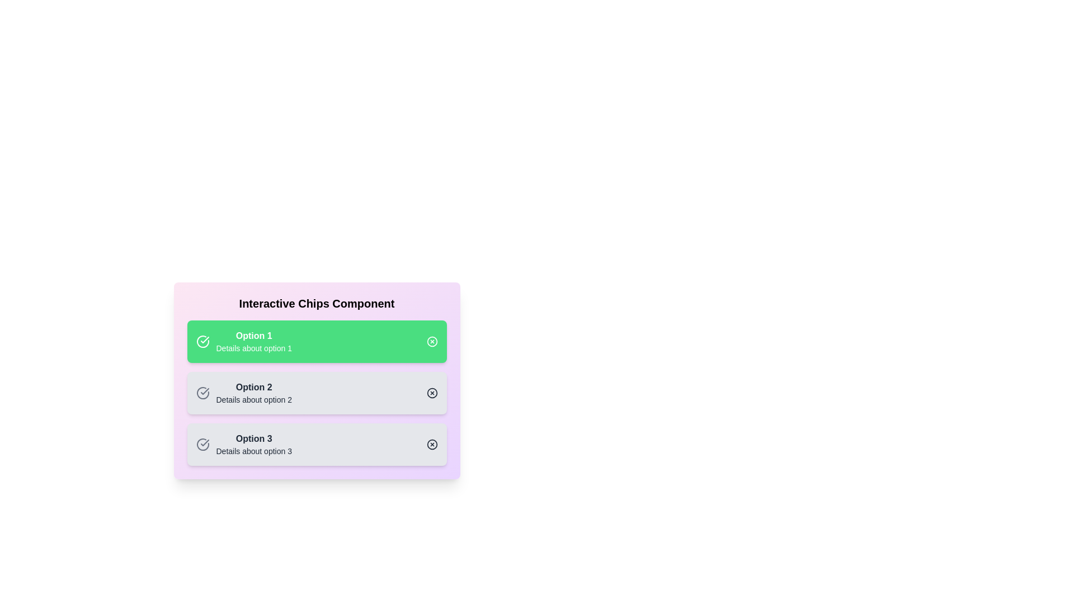 The image size is (1074, 604). I want to click on the chip corresponding to Option 1, so click(316, 341).